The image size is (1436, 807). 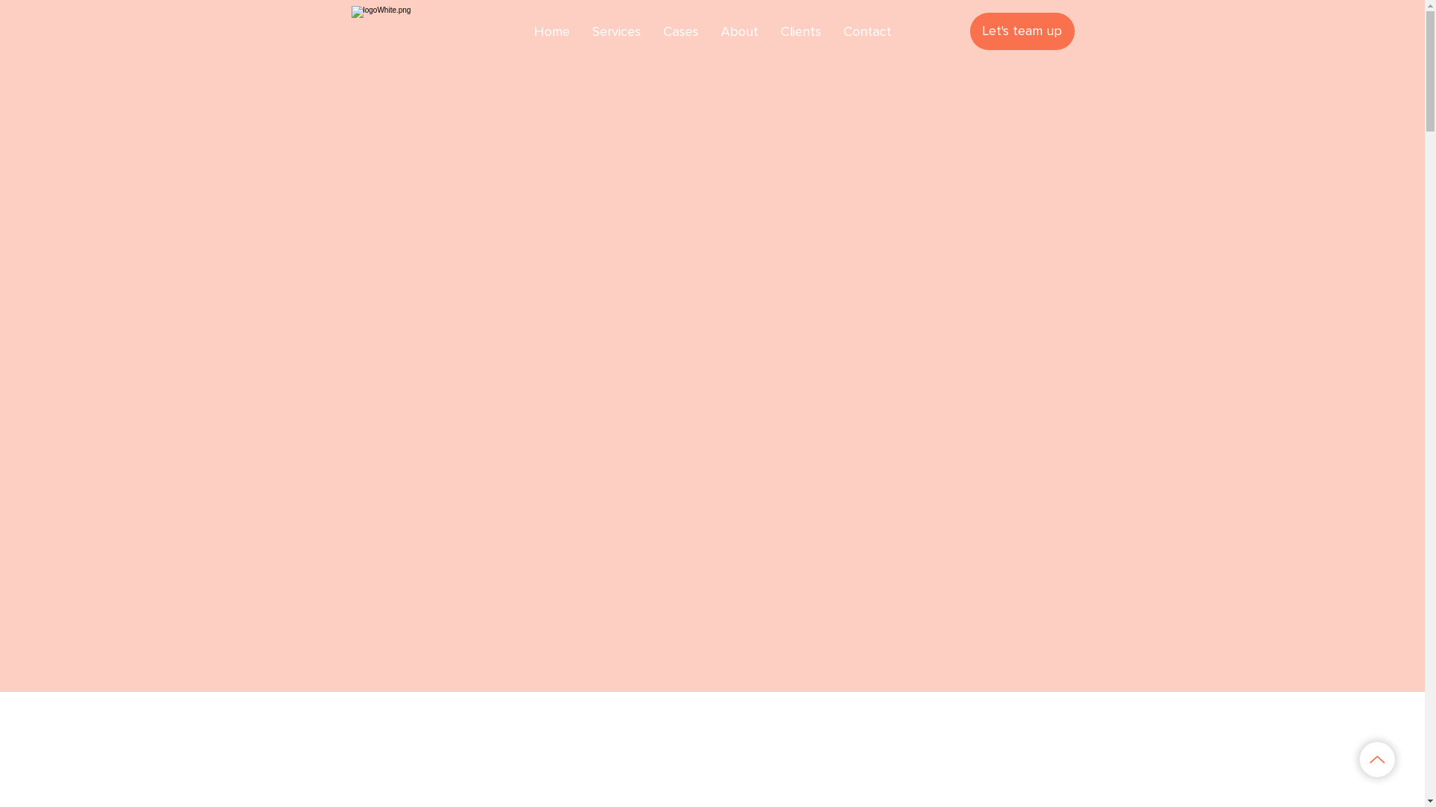 I want to click on 'About', so click(x=739, y=31).